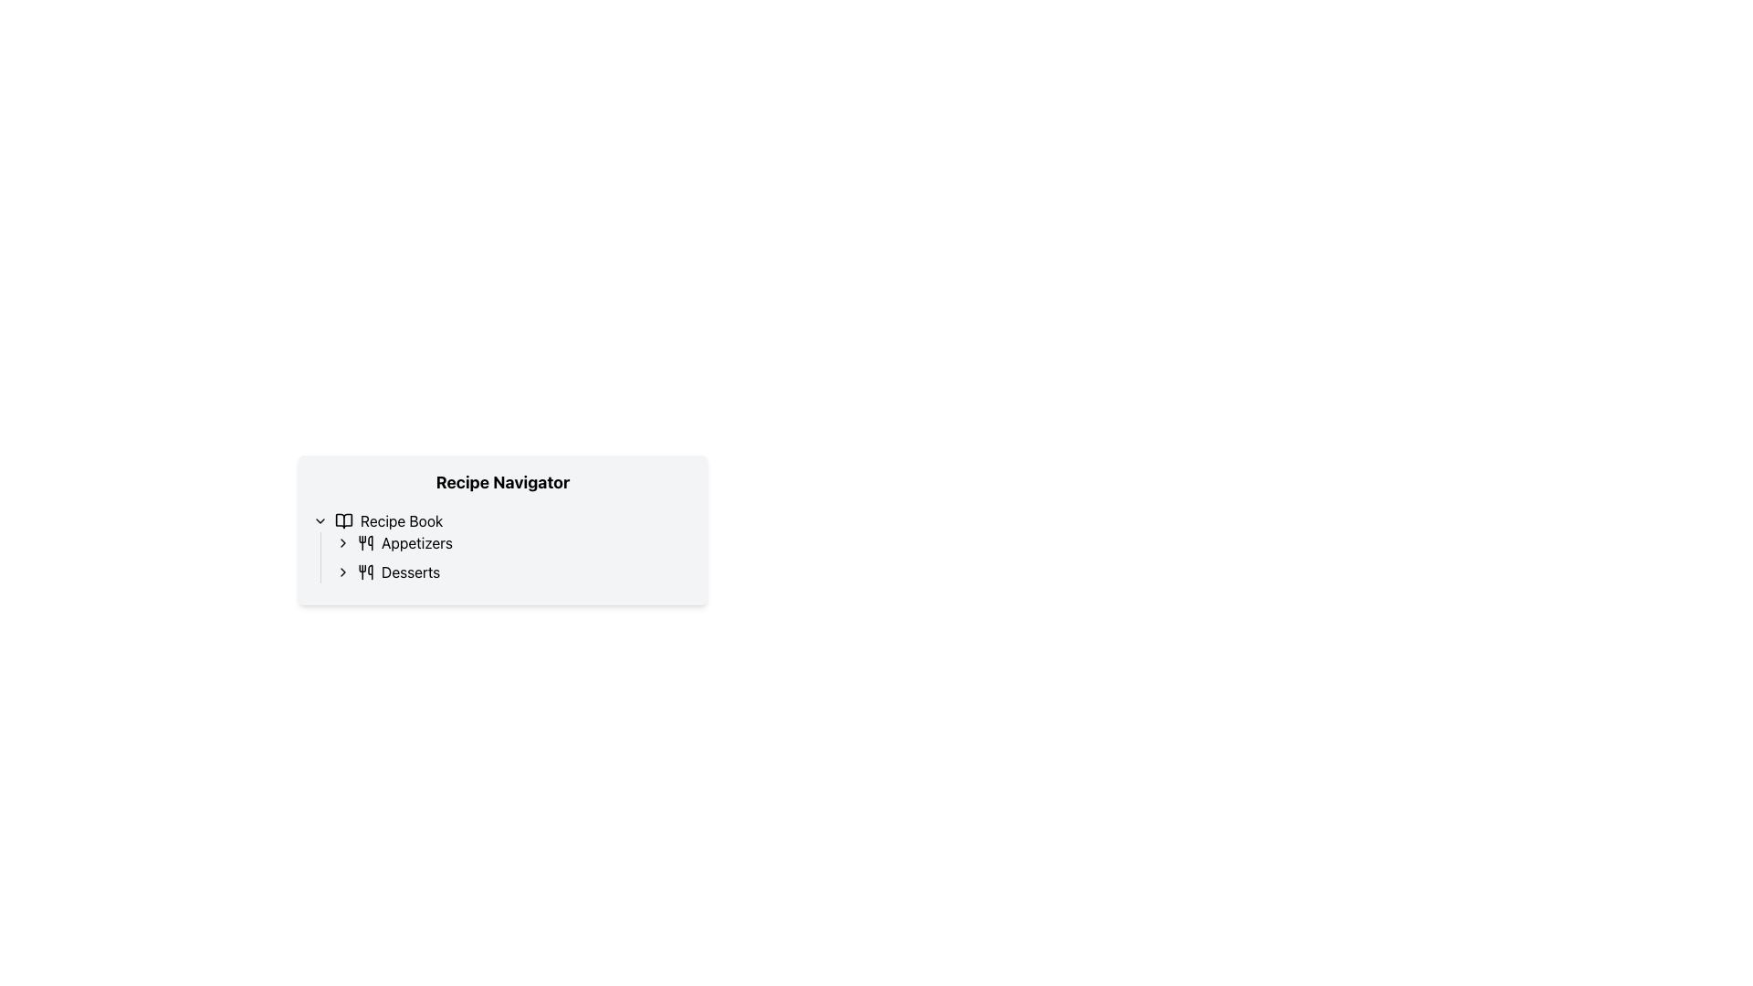  What do you see at coordinates (342, 572) in the screenshot?
I see `the chevron icon located to the far left of the 'Desserts' list item` at bounding box center [342, 572].